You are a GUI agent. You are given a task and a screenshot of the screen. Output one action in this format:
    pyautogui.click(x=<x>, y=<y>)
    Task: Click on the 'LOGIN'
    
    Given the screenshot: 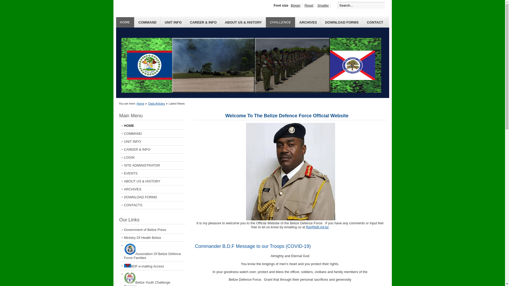 What is the action you would take?
    pyautogui.click(x=152, y=157)
    